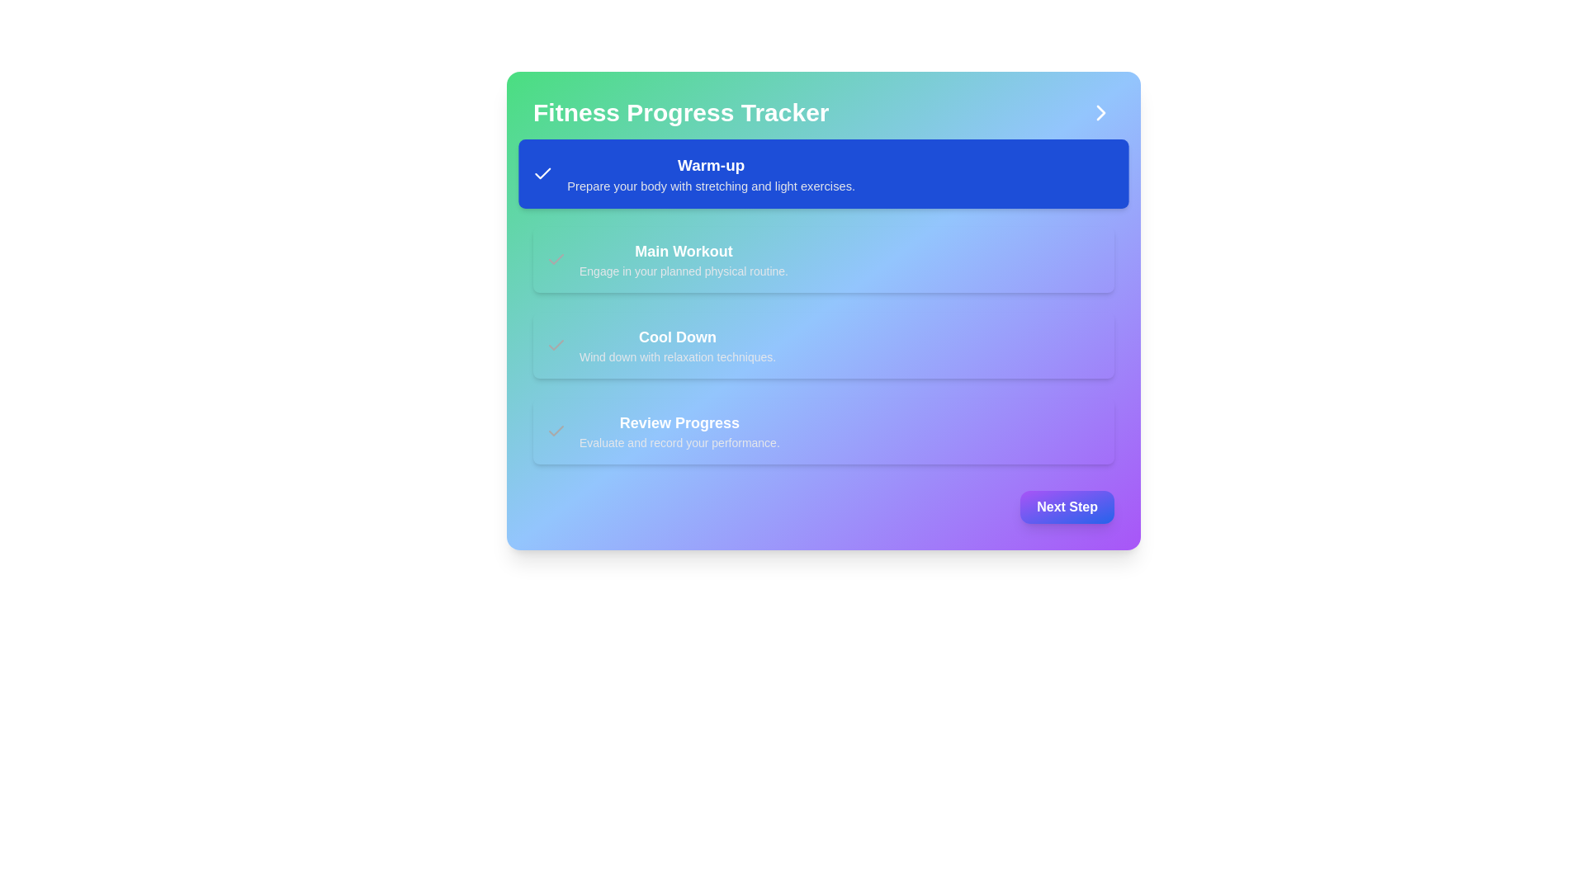 The image size is (1585, 891). Describe the element at coordinates (711, 174) in the screenshot. I see `the text block displaying the heading 'Warm-up' and description 'Prepare your body with stretching and light exercises.' with a blue background` at that location.